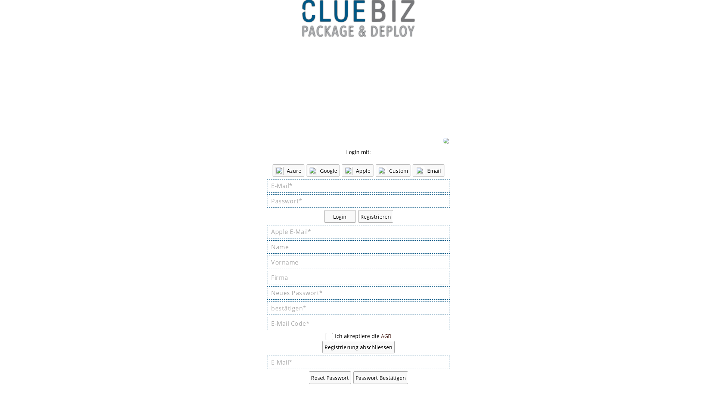 The width and height of the screenshot is (717, 403). What do you see at coordinates (357, 216) in the screenshot?
I see `'Registrieren'` at bounding box center [357, 216].